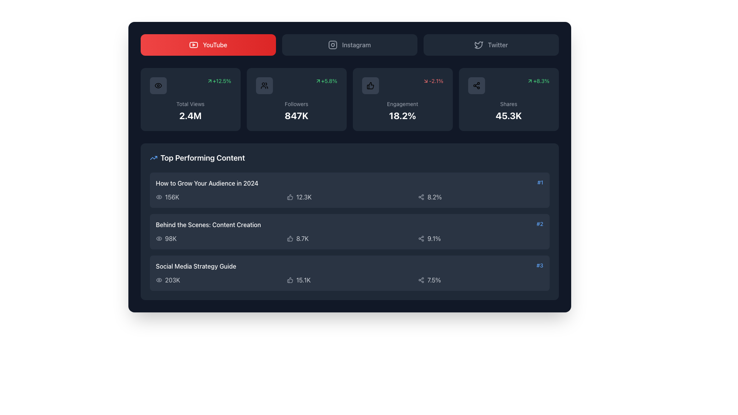 The height and width of the screenshot is (415, 738). I want to click on text label indicating the Twitter section, located in the top right section of the application, next to the Instagram button and aligned with a Twitter logo icon, so click(498, 45).